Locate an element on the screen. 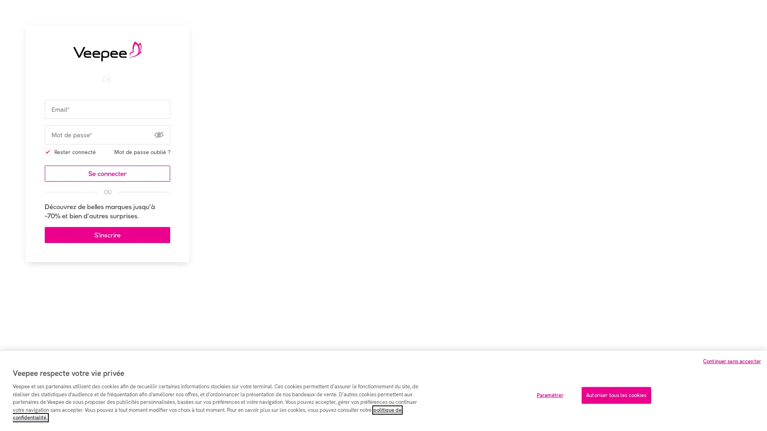 Image resolution: width=767 pixels, height=431 pixels. Continuer sans accepter is located at coordinates (732, 361).